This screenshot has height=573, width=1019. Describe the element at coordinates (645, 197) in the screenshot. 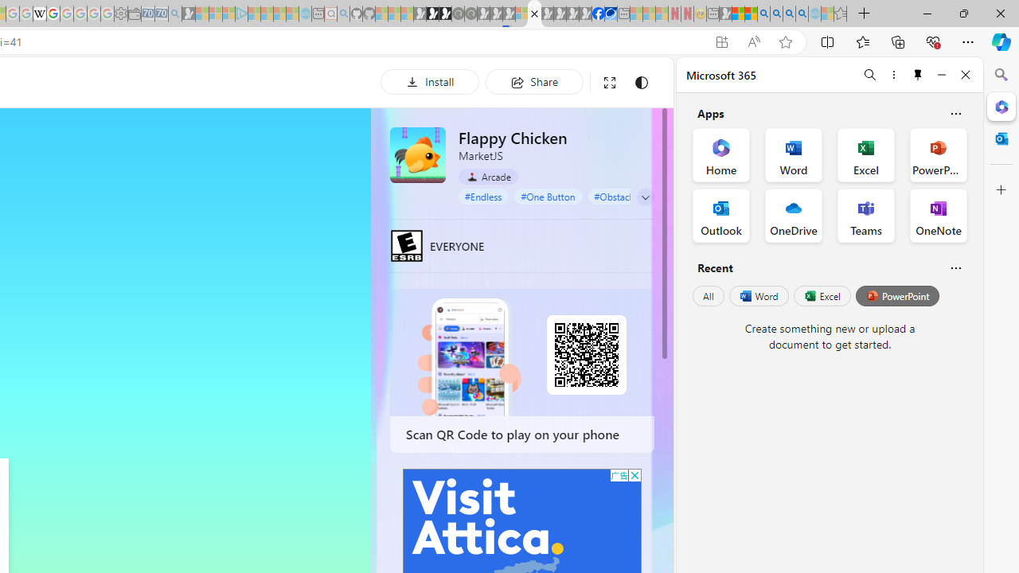

I see `'Class: expand-arrow neutral'` at that location.